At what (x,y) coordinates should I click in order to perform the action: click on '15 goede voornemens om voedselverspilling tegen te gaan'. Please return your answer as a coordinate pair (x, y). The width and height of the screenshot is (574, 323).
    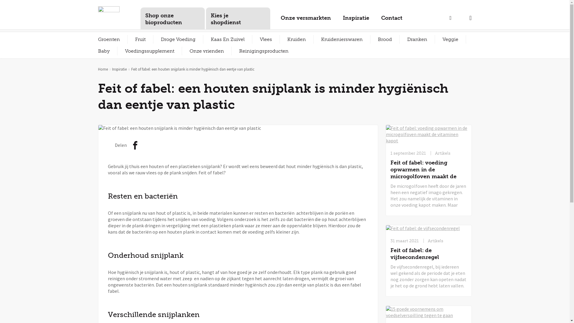
    Looking at the image, I should click on (428, 312).